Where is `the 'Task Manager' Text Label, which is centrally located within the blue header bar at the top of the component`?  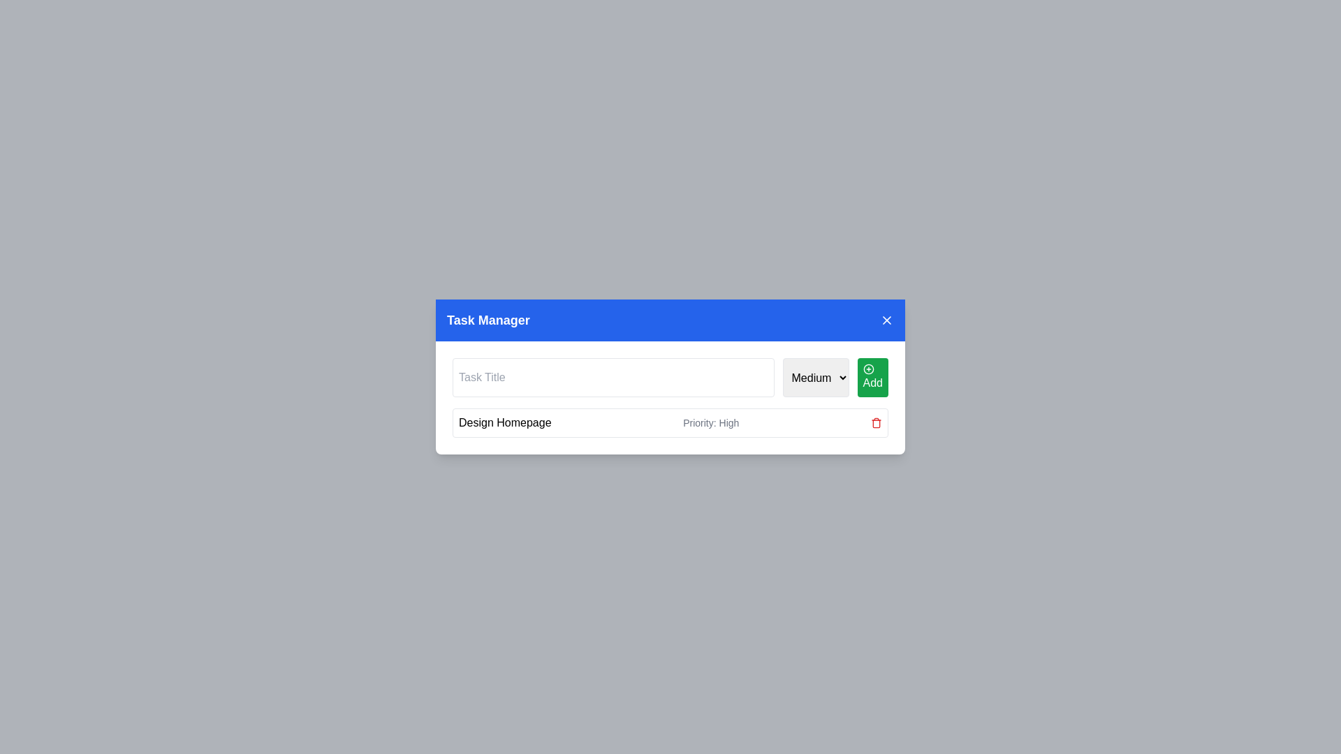
the 'Task Manager' Text Label, which is centrally located within the blue header bar at the top of the component is located at coordinates (488, 320).